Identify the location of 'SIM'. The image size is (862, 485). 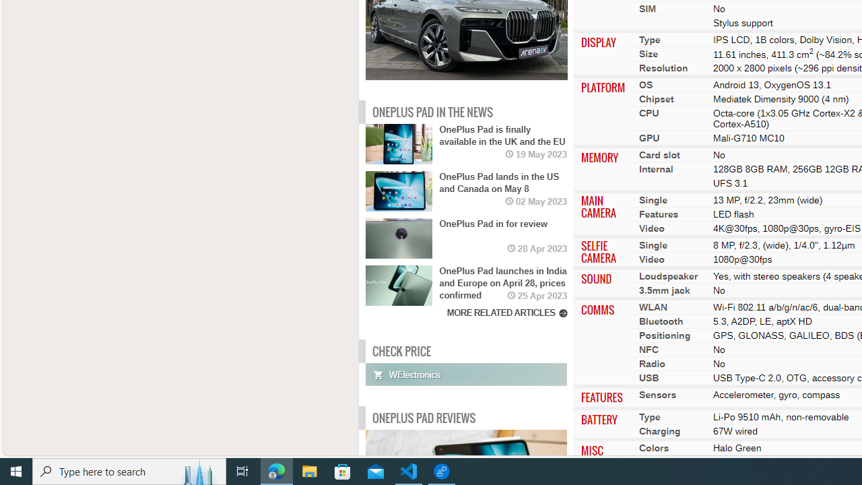
(647, 8).